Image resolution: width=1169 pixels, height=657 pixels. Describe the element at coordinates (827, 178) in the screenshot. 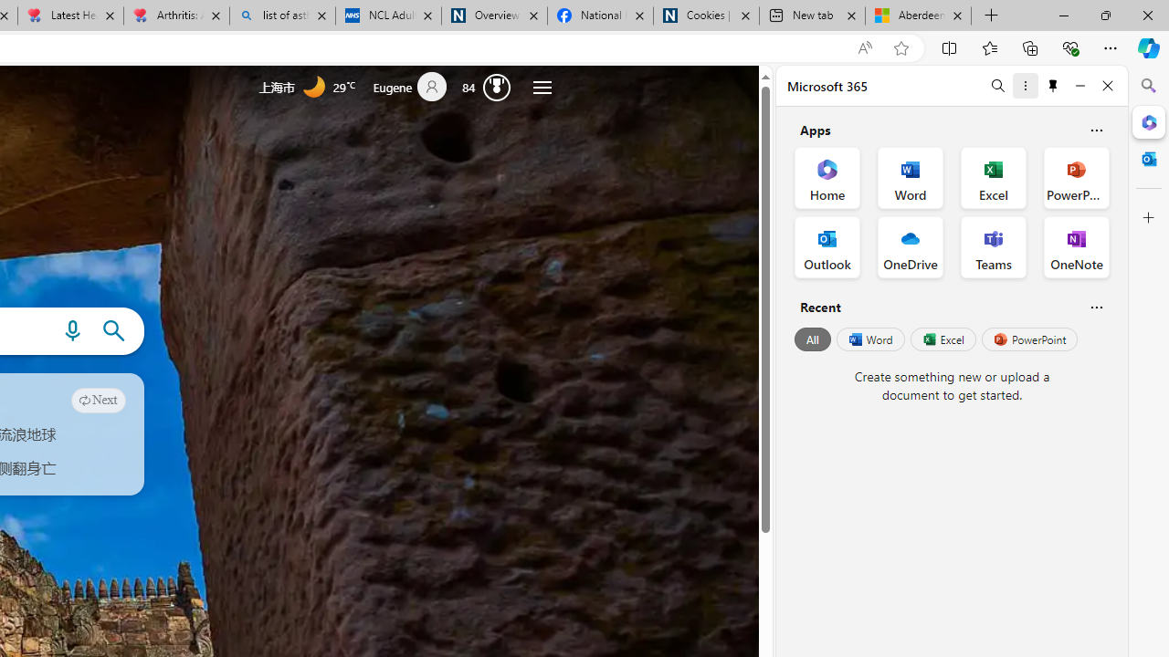

I see `'Home Office App'` at that location.